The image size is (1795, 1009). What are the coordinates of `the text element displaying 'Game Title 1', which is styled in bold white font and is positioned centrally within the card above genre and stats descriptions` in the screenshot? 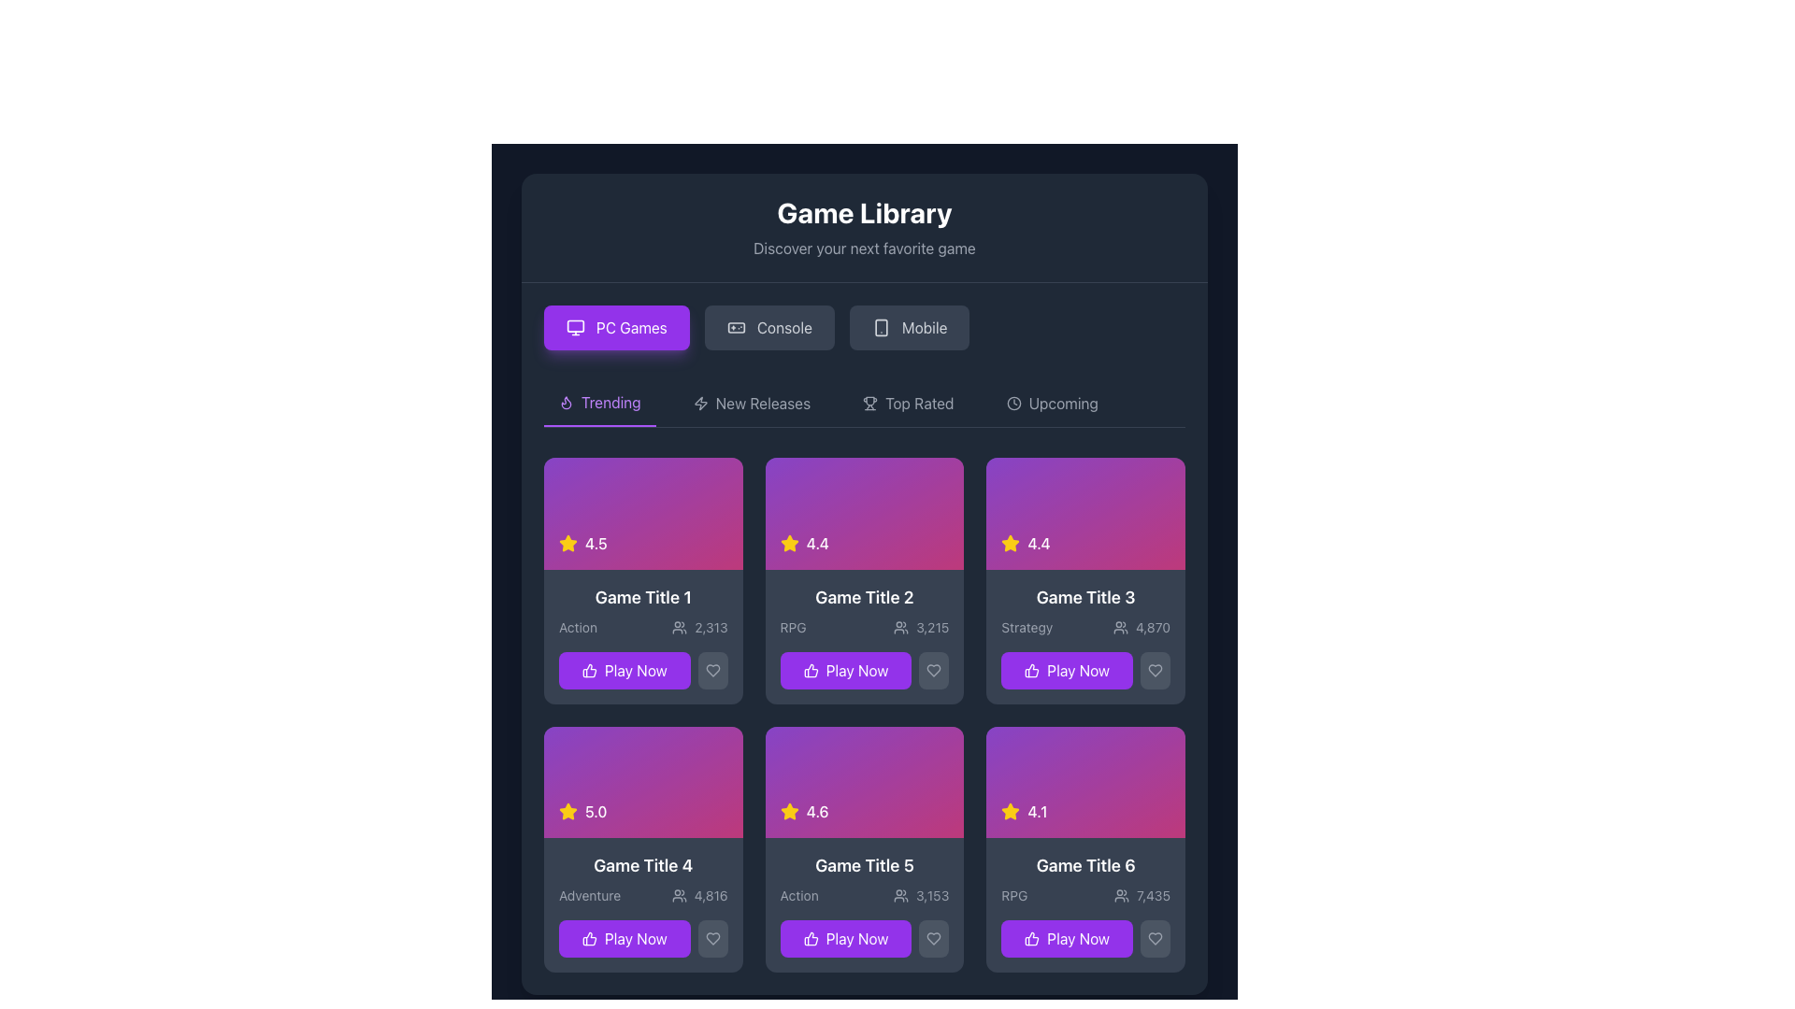 It's located at (643, 597).